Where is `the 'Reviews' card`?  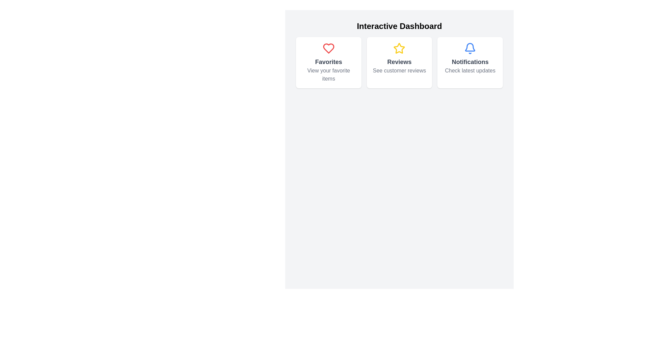 the 'Reviews' card is located at coordinates (399, 62).